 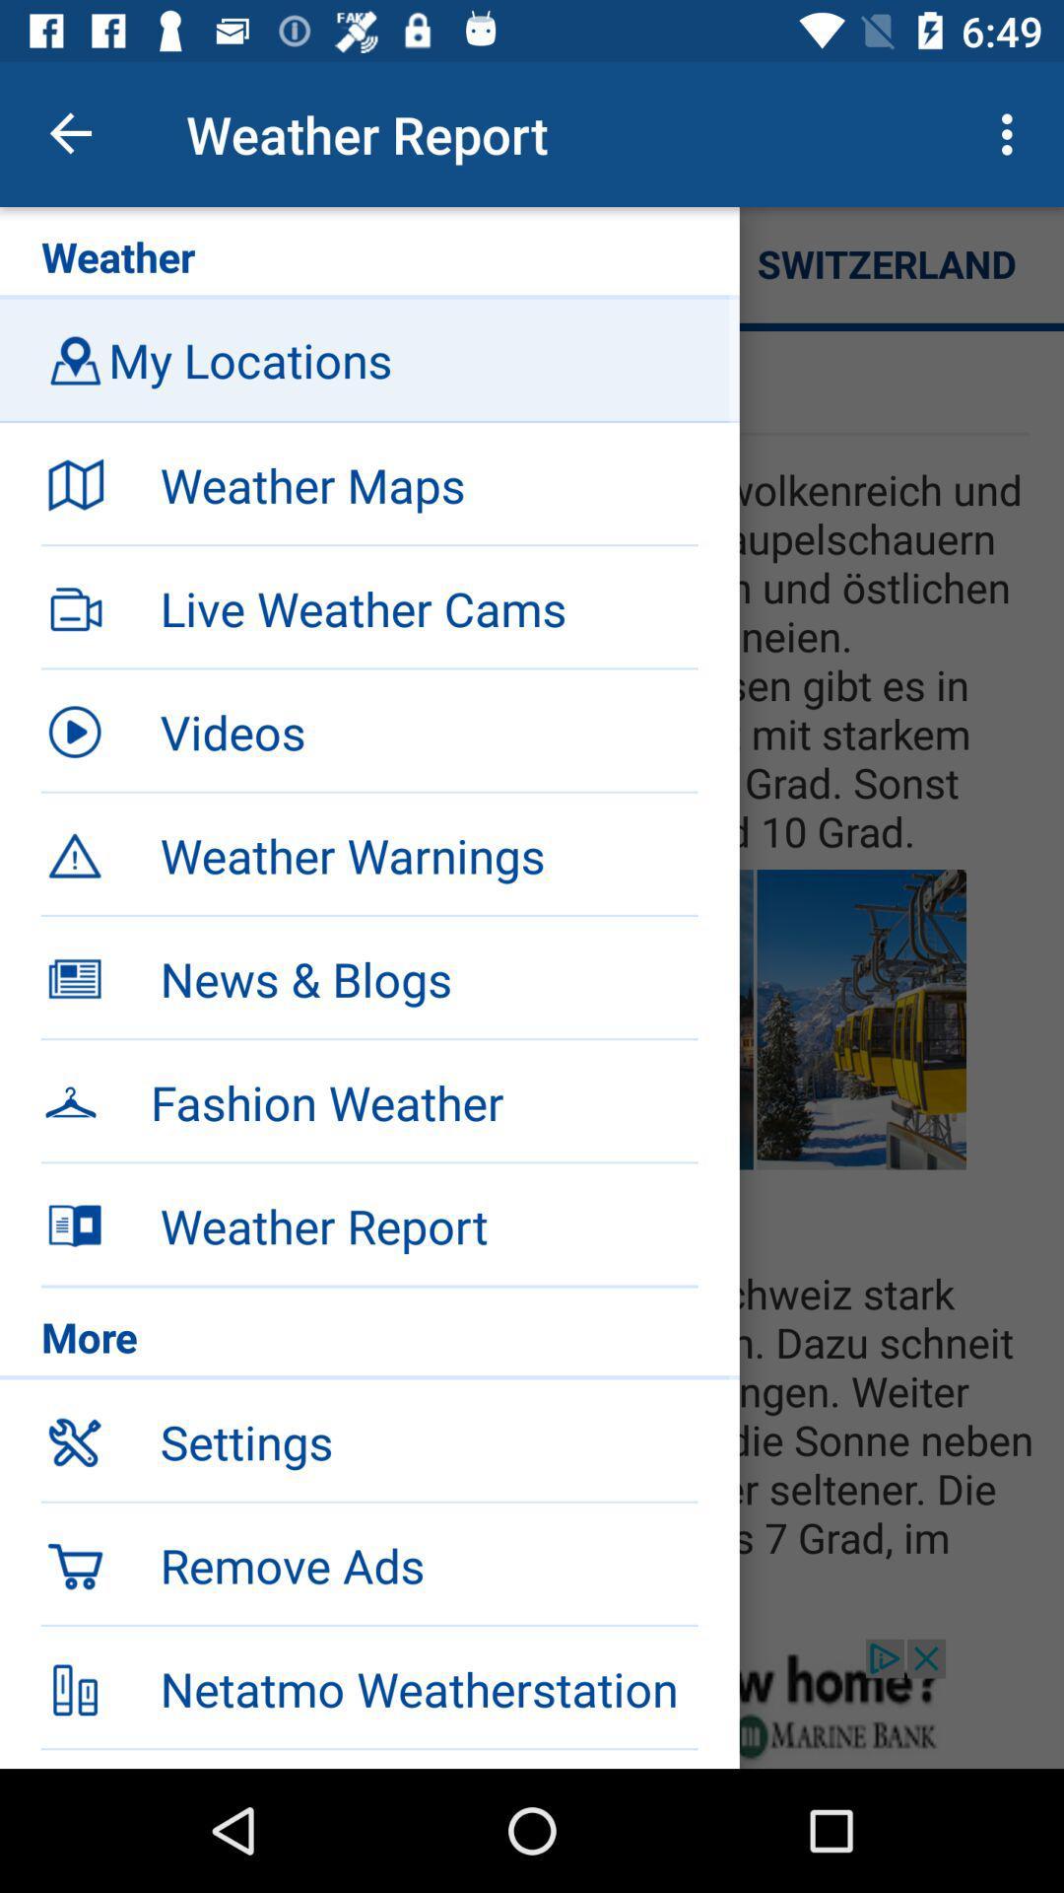 What do you see at coordinates (74, 1441) in the screenshot?
I see `the setting option` at bounding box center [74, 1441].